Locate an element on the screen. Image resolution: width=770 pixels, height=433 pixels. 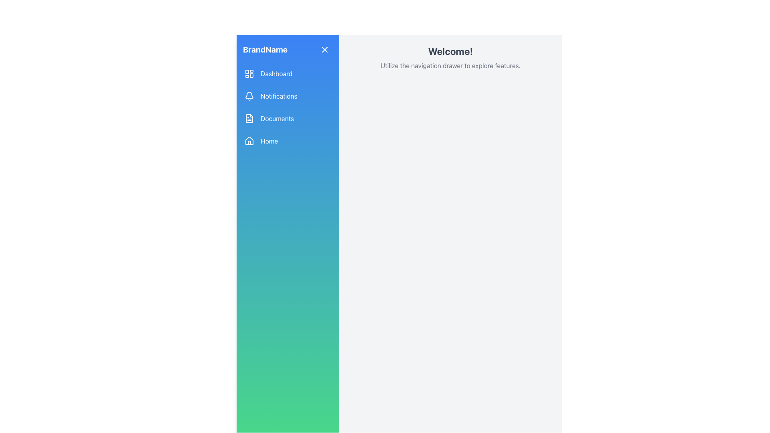
the circular button in the top-right corner of the vertical sidebar, adjacent to the text 'BrandName' is located at coordinates (325, 49).